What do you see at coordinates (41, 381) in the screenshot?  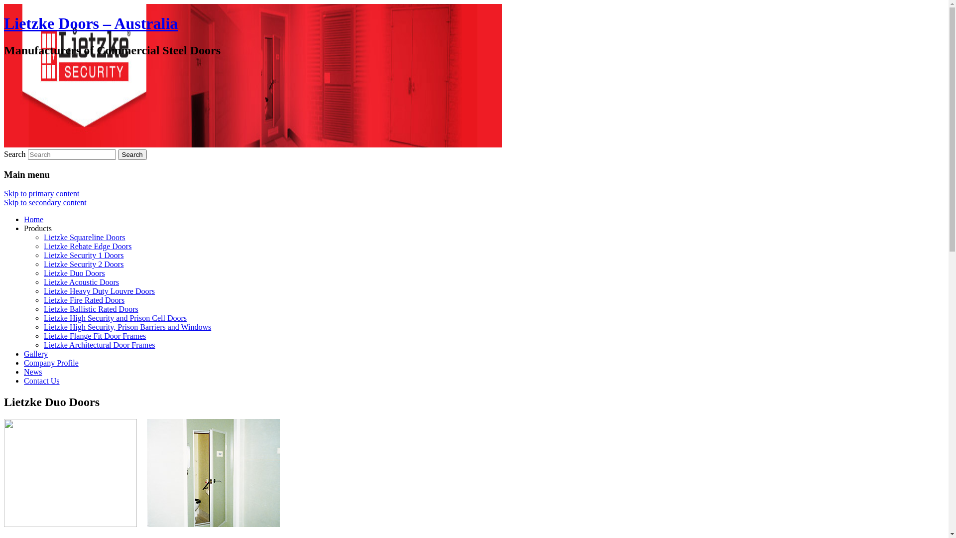 I see `'Contact Us'` at bounding box center [41, 381].